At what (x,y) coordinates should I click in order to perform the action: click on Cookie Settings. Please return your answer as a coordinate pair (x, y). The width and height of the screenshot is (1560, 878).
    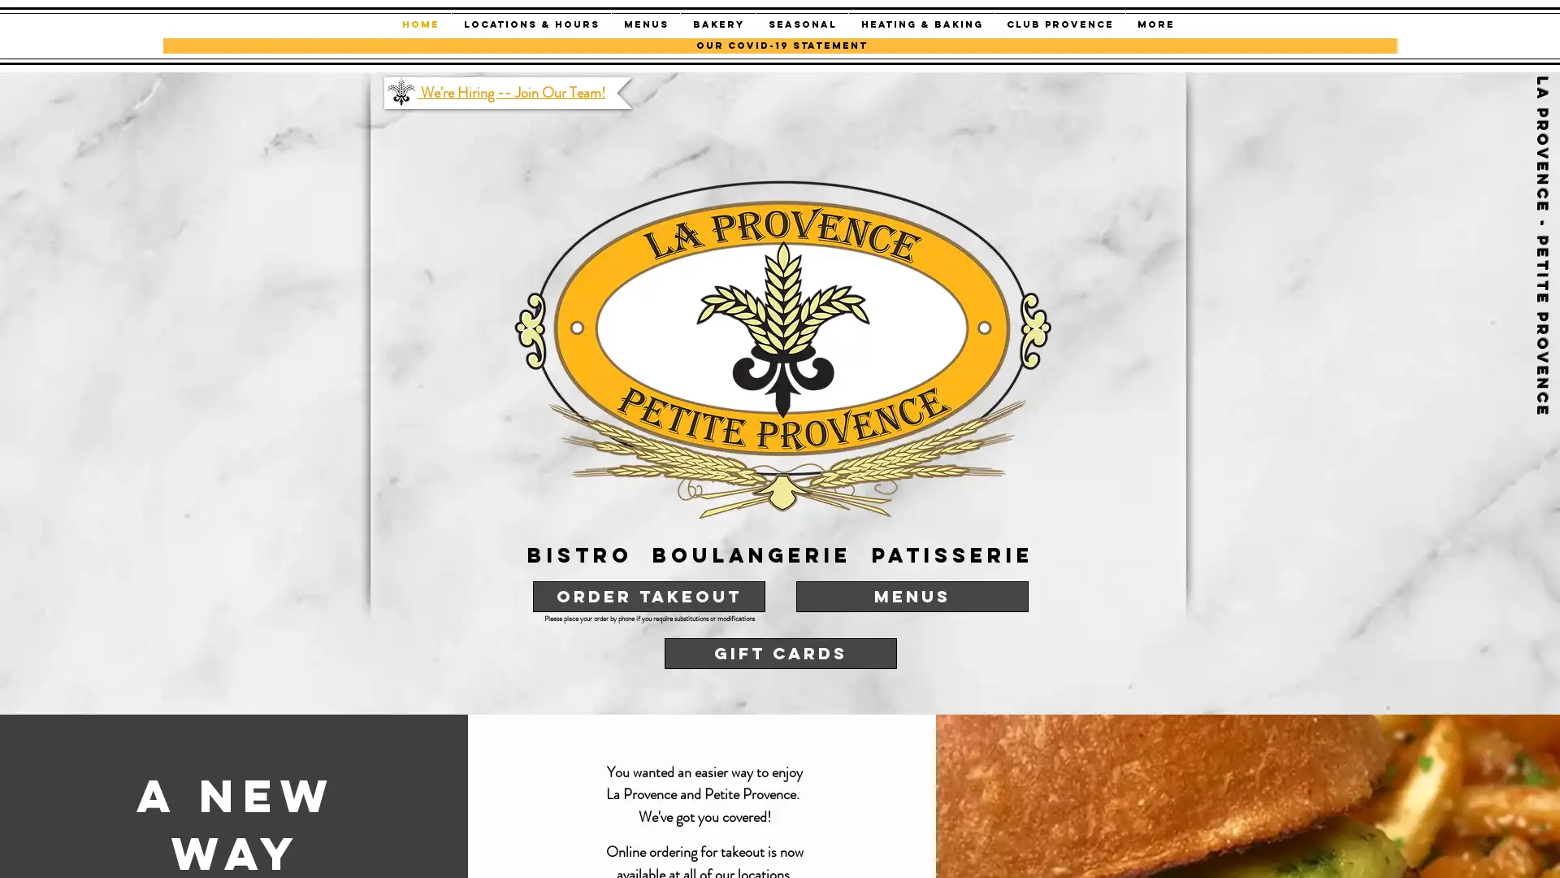
    Looking at the image, I should click on (1384, 849).